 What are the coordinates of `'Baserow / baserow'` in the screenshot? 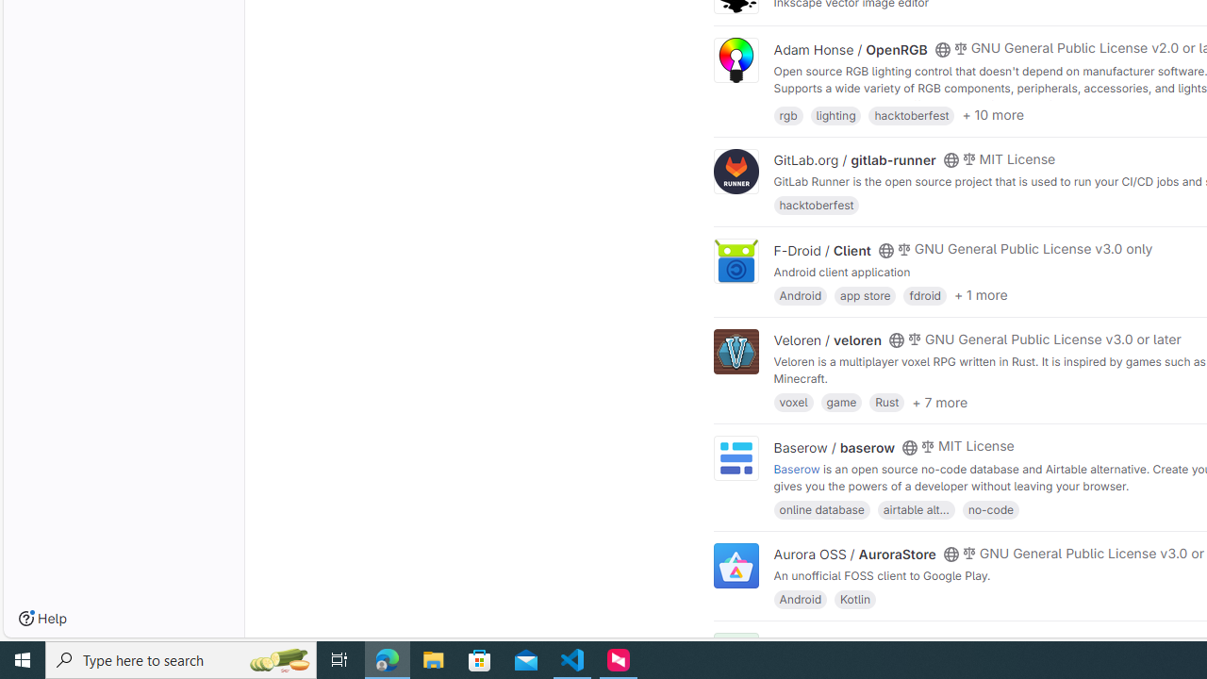 It's located at (834, 447).